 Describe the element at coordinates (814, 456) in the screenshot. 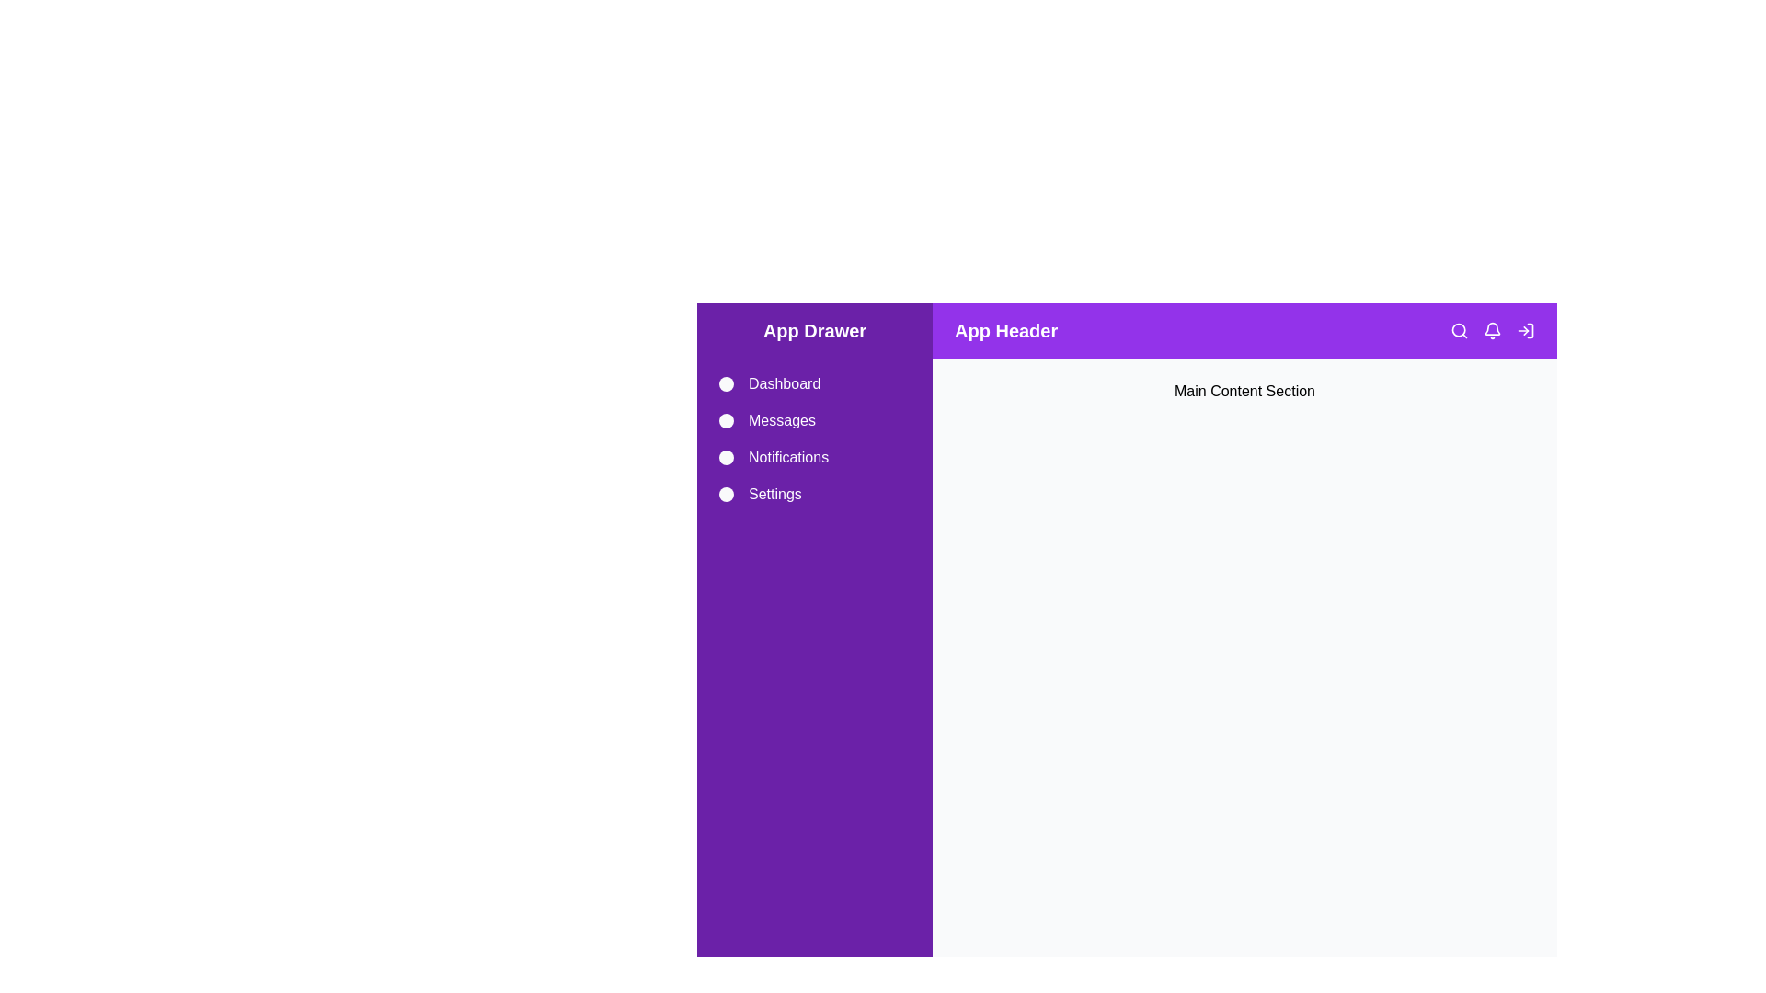

I see `the Notifications drawer item to navigate` at that location.